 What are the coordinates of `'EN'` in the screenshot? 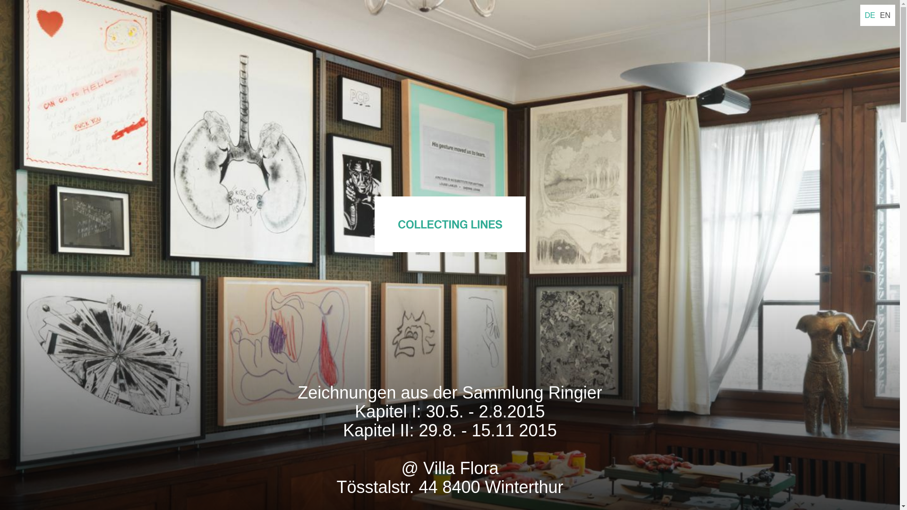 It's located at (884, 15).